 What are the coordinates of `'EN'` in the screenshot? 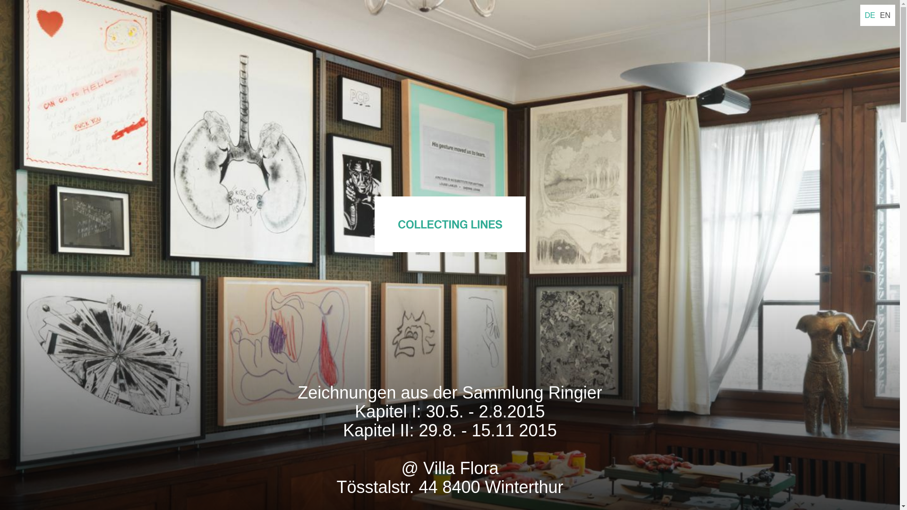 It's located at (884, 15).